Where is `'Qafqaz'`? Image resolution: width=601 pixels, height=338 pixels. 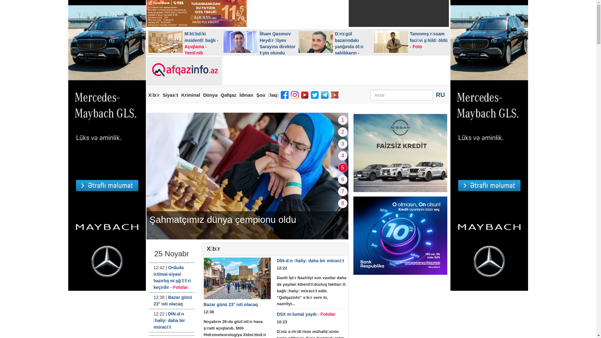
'Qafqaz' is located at coordinates (228, 95).